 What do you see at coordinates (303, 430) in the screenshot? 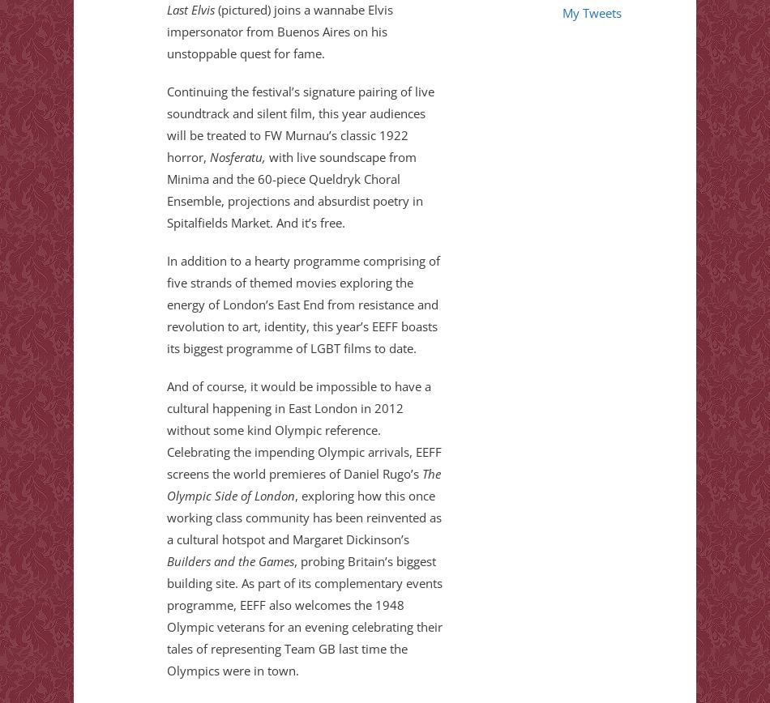
I see `'And of course, it would be impossible to have a cultural happening in East London in 2012 without some kind Olympic reference. Celebrating the impending Olympic arrivals, EEFF screens the world premieres of Daniel Rugo’s'` at bounding box center [303, 430].